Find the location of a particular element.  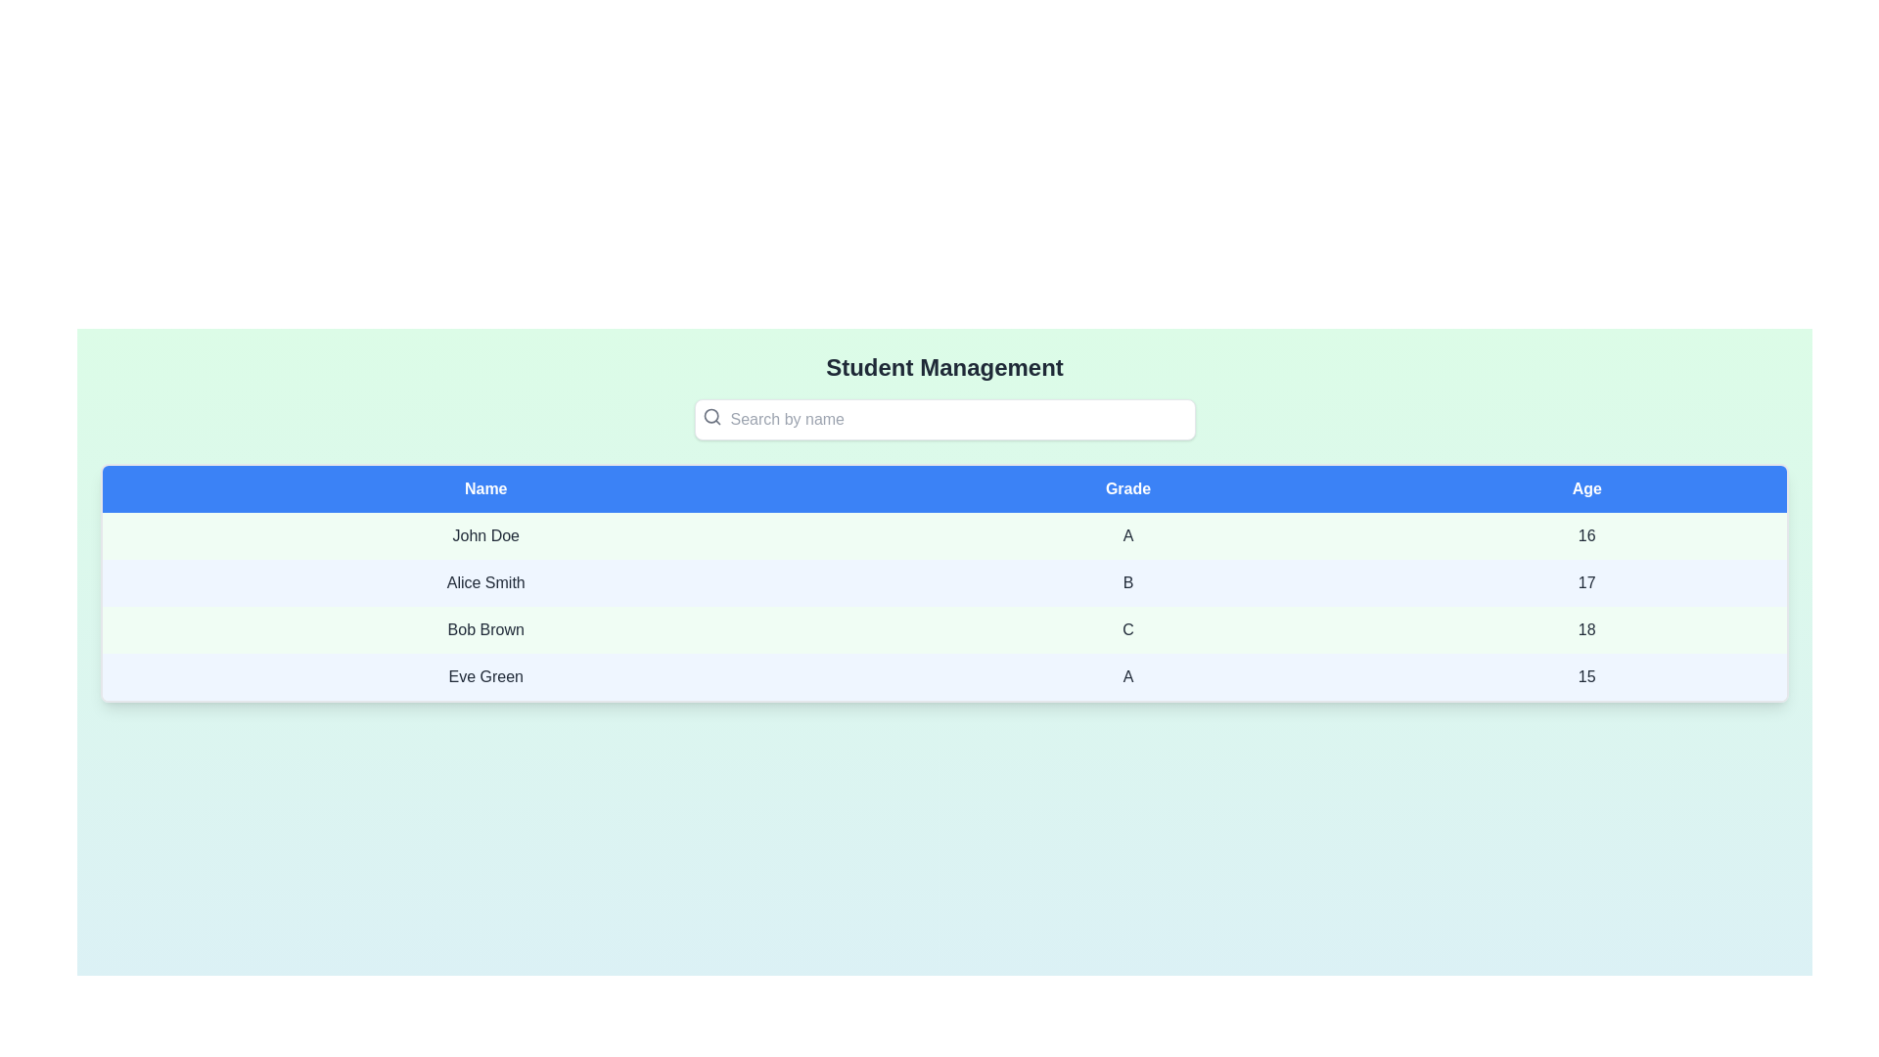

the third row of the data table is located at coordinates (944, 630).